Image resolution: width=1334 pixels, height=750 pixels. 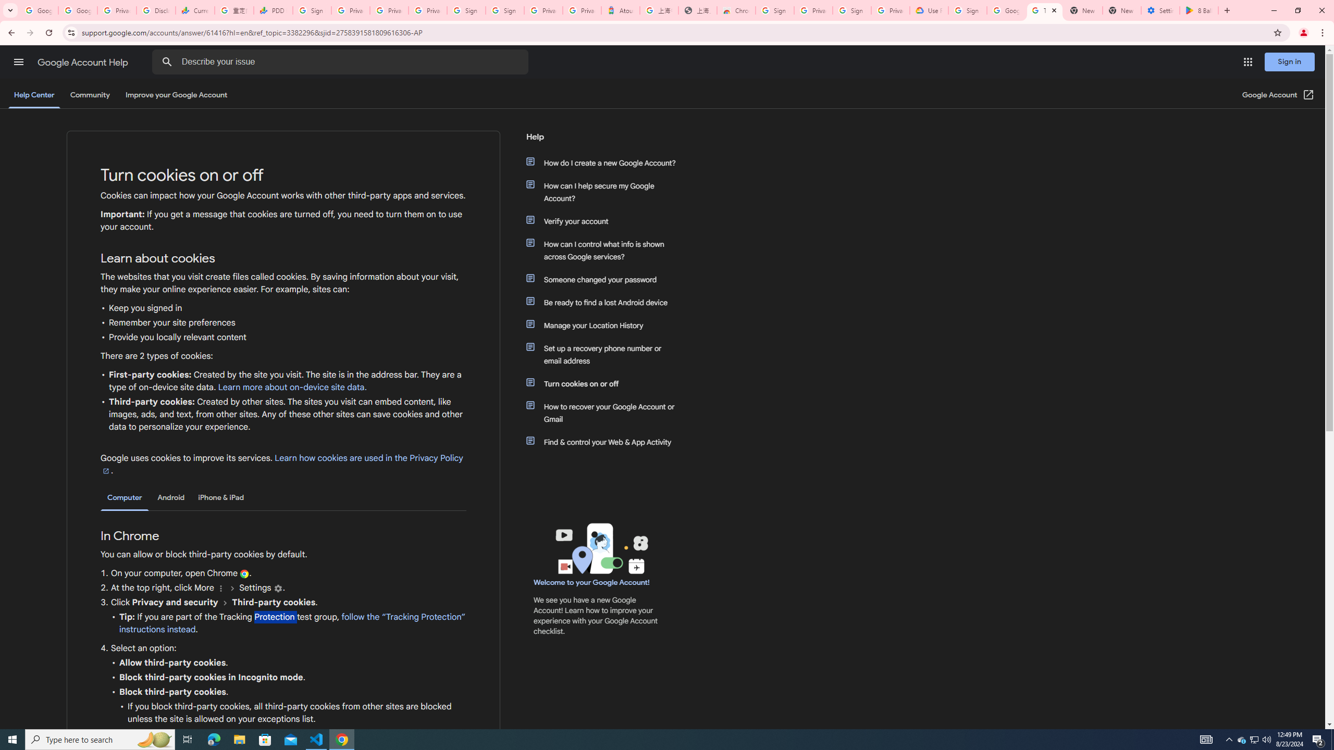 What do you see at coordinates (606, 221) in the screenshot?
I see `'Verify your account'` at bounding box center [606, 221].